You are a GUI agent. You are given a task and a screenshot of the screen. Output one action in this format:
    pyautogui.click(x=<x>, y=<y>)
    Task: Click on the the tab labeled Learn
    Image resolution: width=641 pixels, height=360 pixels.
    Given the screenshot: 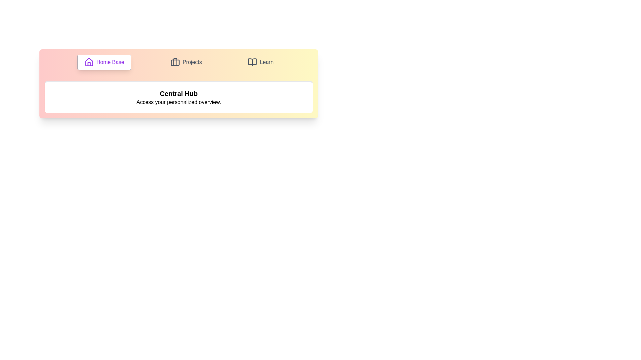 What is the action you would take?
    pyautogui.click(x=260, y=62)
    